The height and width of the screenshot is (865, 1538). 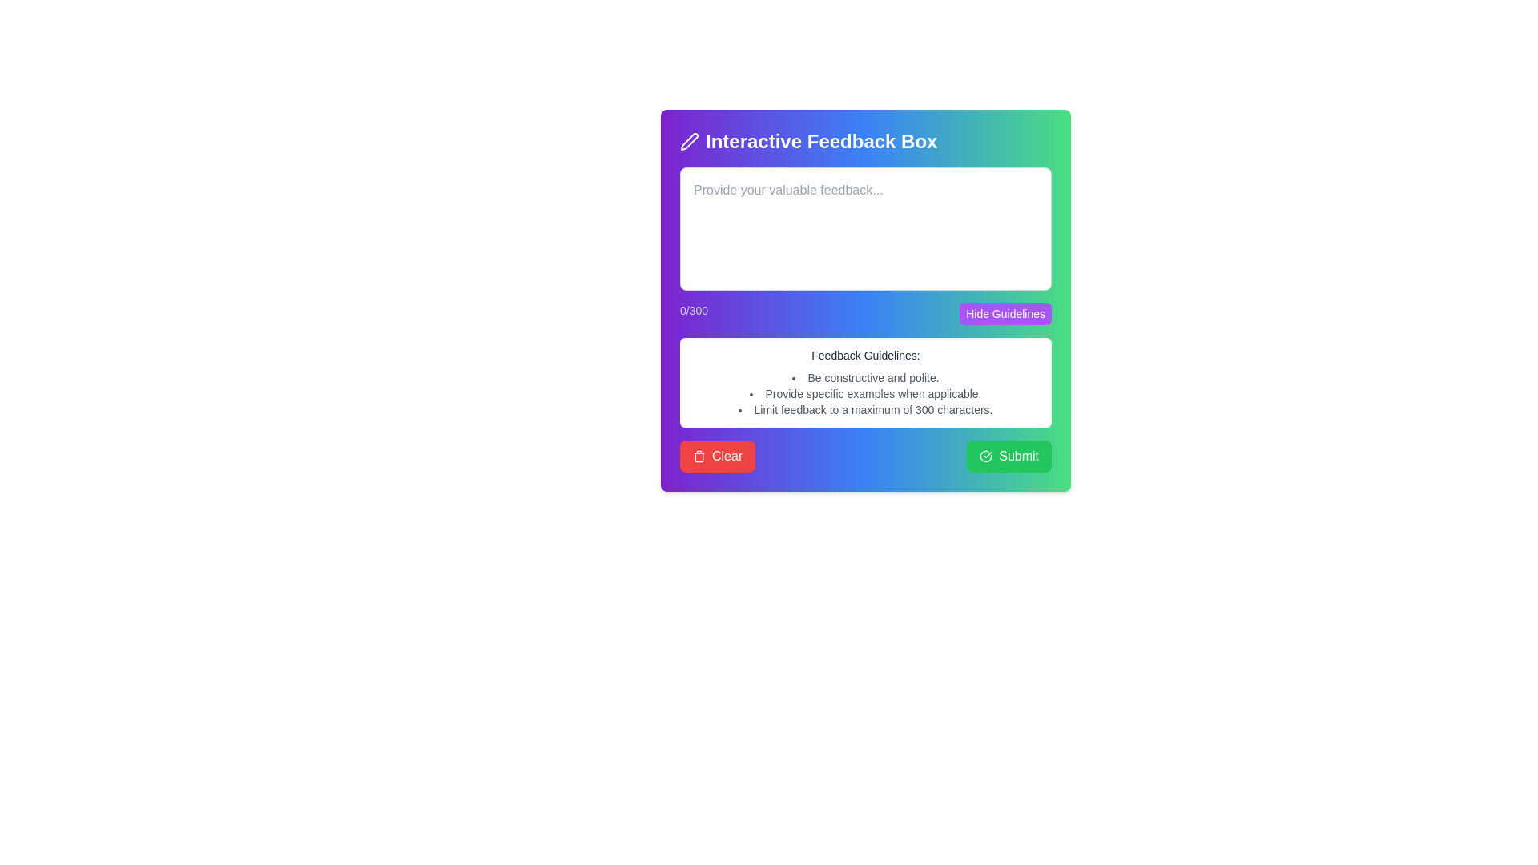 I want to click on the pen icon, which is a small graphical representation positioned to the left of the 'Interactive Feedback Box' header text, slightly tilted to the left, so click(x=689, y=141).